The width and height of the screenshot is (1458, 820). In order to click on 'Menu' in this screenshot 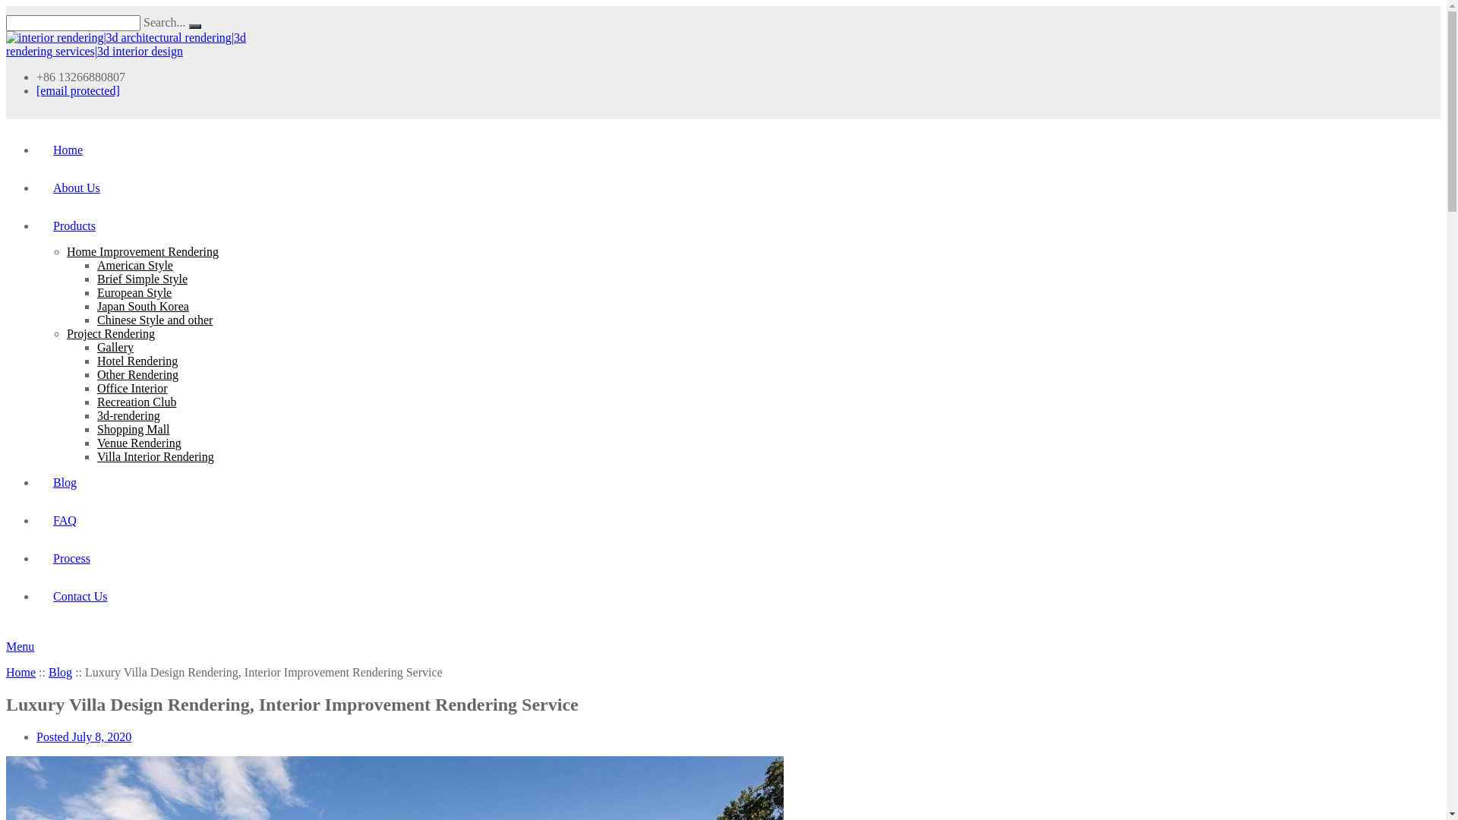, I will do `click(20, 646)`.